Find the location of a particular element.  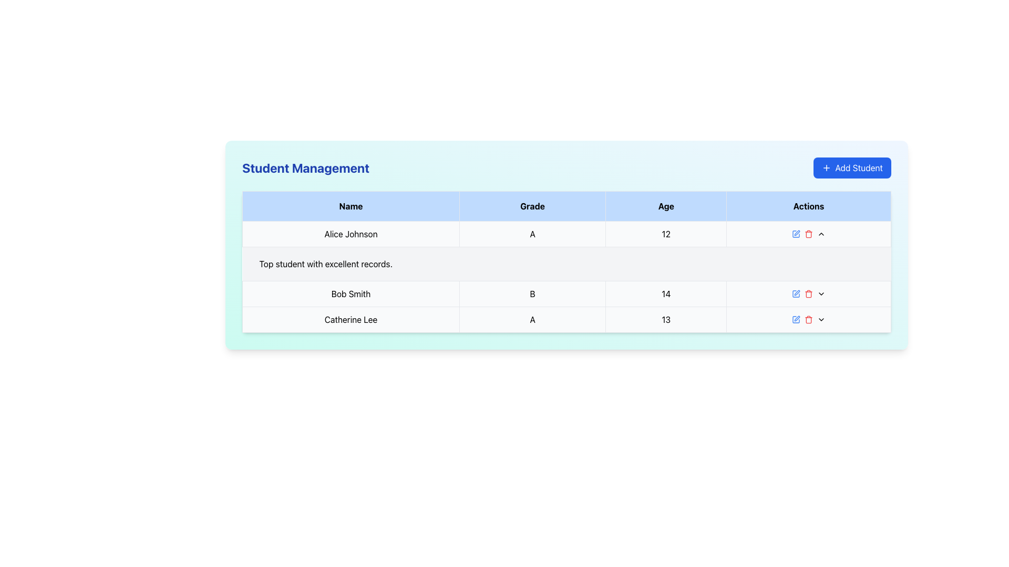

the delete button in the Student Management panel, which is the third button in a horizontal sequence of action buttons located in the rightmost column of the first row of the table is located at coordinates (808, 234).